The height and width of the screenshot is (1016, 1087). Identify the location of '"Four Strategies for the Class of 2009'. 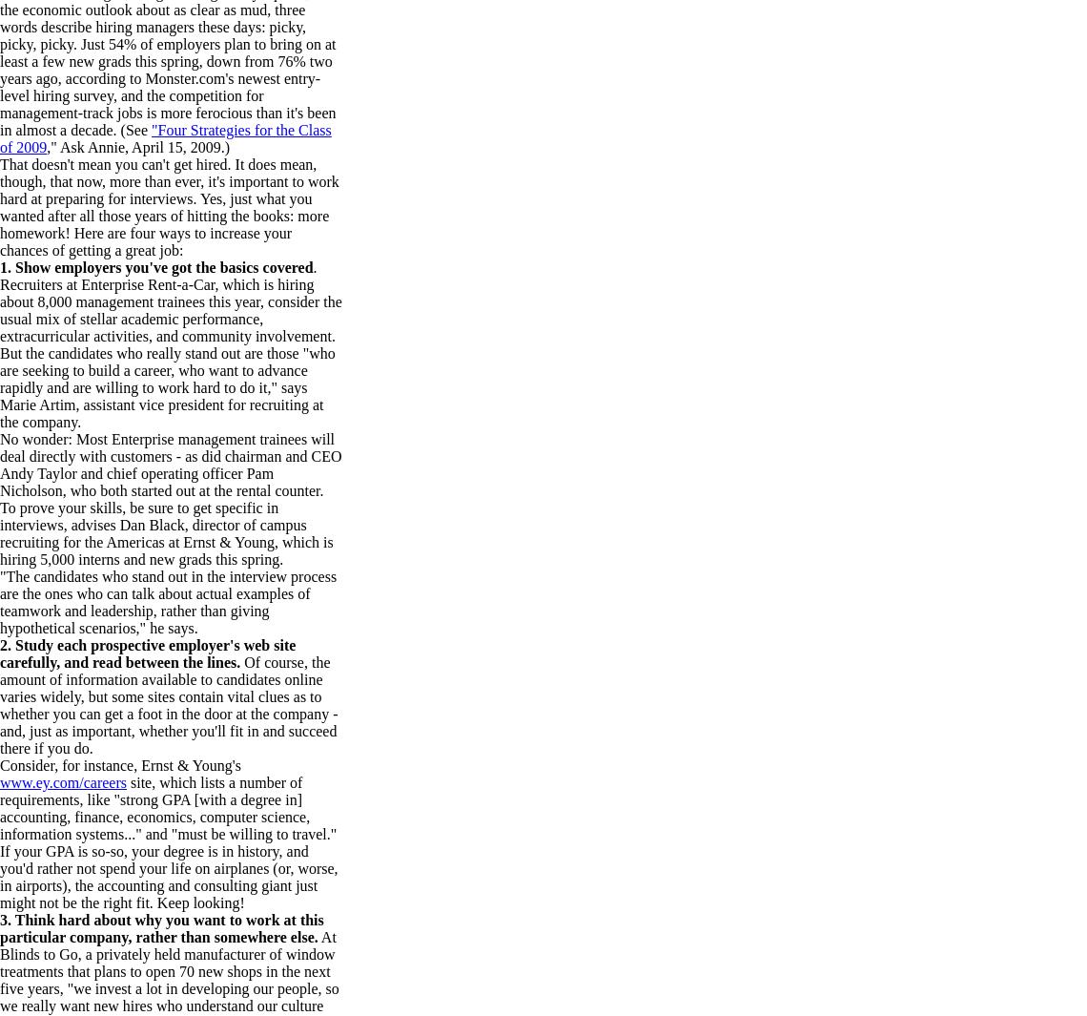
(165, 137).